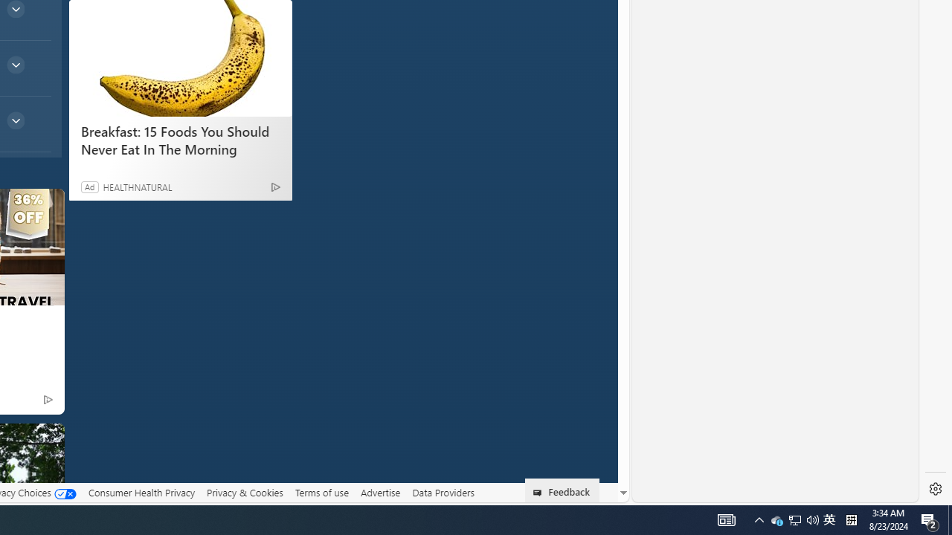 Image resolution: width=952 pixels, height=535 pixels. Describe the element at coordinates (442, 493) in the screenshot. I see `'Data Providers'` at that location.